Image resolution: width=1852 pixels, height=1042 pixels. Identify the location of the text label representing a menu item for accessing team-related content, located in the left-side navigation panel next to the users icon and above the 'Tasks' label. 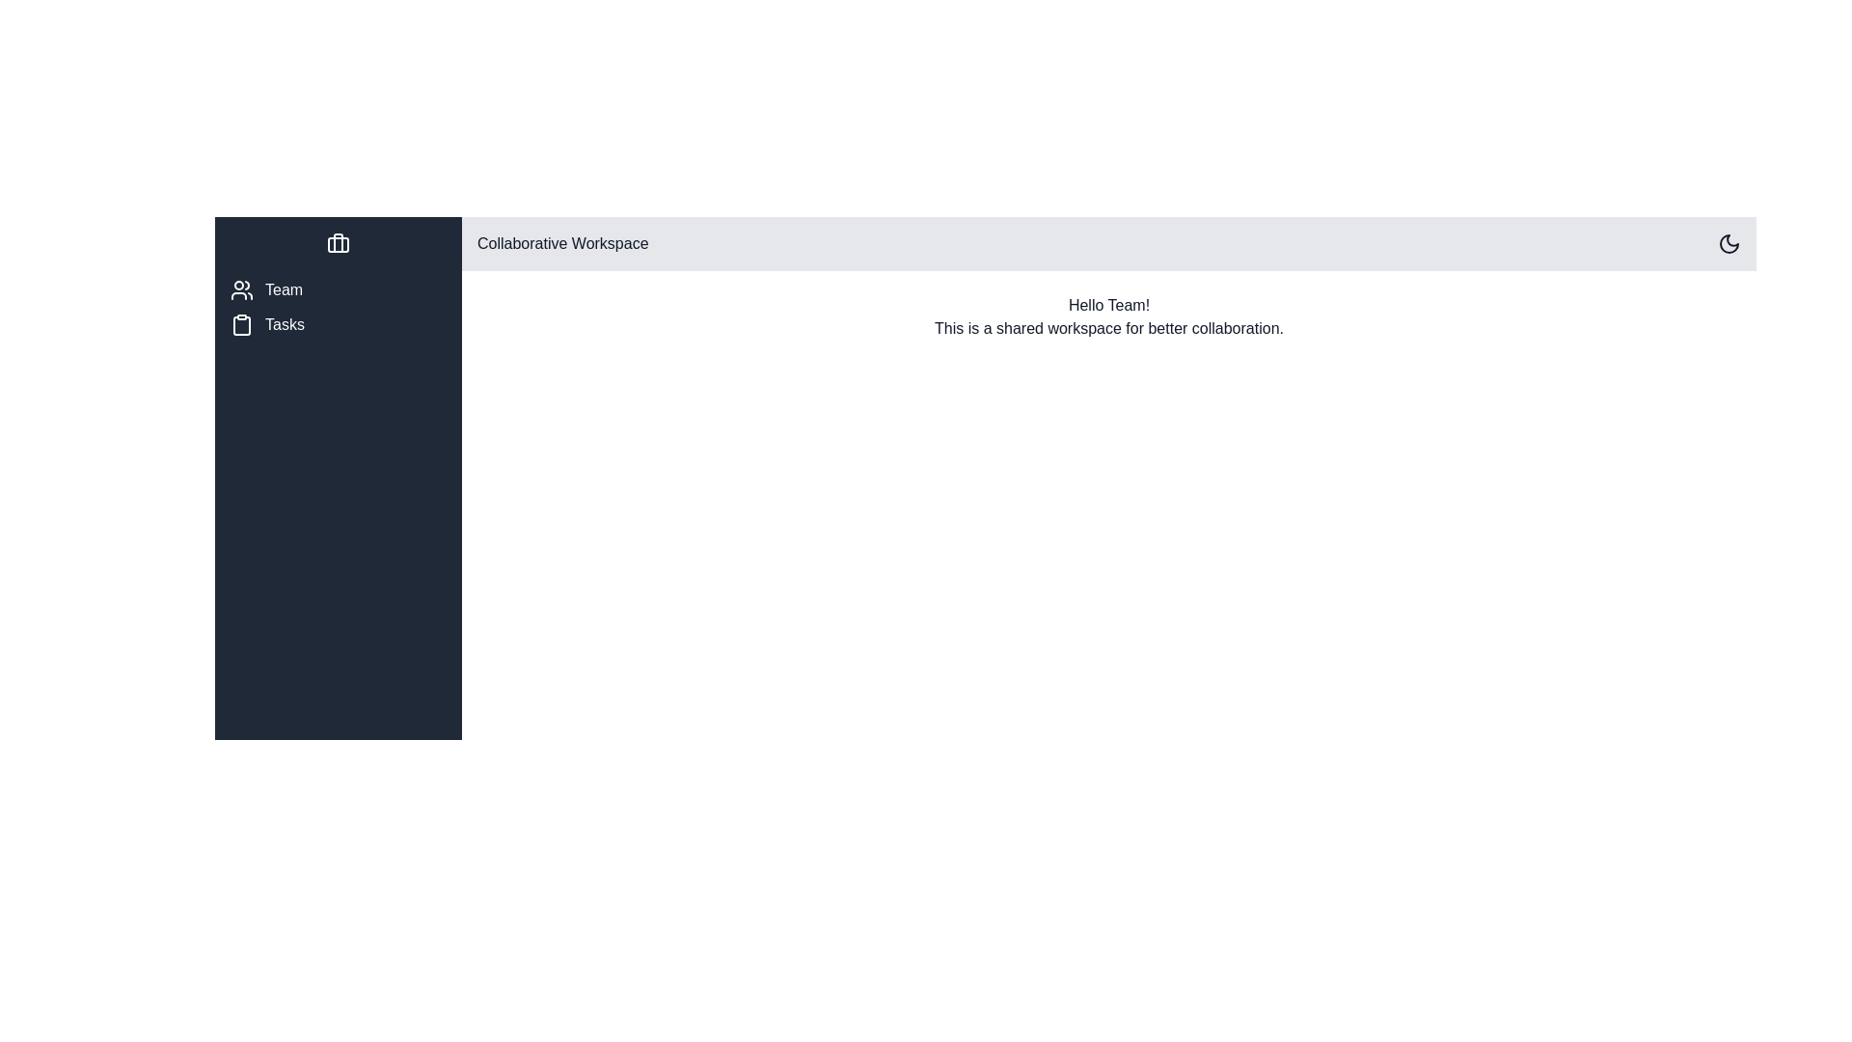
(283, 289).